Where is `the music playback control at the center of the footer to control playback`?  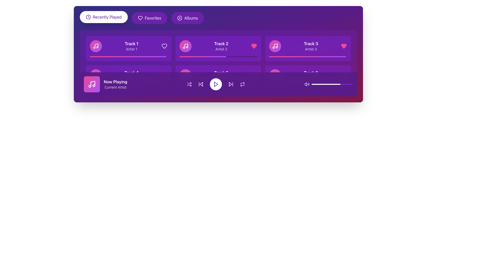 the music playback control at the center of the footer to control playback is located at coordinates (218, 84).